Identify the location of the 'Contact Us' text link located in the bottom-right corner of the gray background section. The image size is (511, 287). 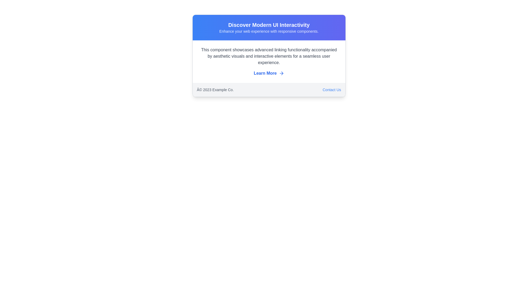
(331, 90).